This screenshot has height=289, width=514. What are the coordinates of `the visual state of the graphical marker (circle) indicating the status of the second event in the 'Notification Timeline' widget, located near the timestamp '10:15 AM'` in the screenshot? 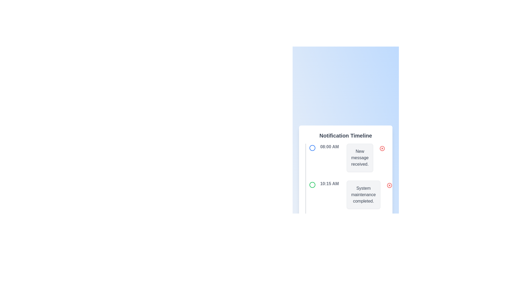 It's located at (312, 184).